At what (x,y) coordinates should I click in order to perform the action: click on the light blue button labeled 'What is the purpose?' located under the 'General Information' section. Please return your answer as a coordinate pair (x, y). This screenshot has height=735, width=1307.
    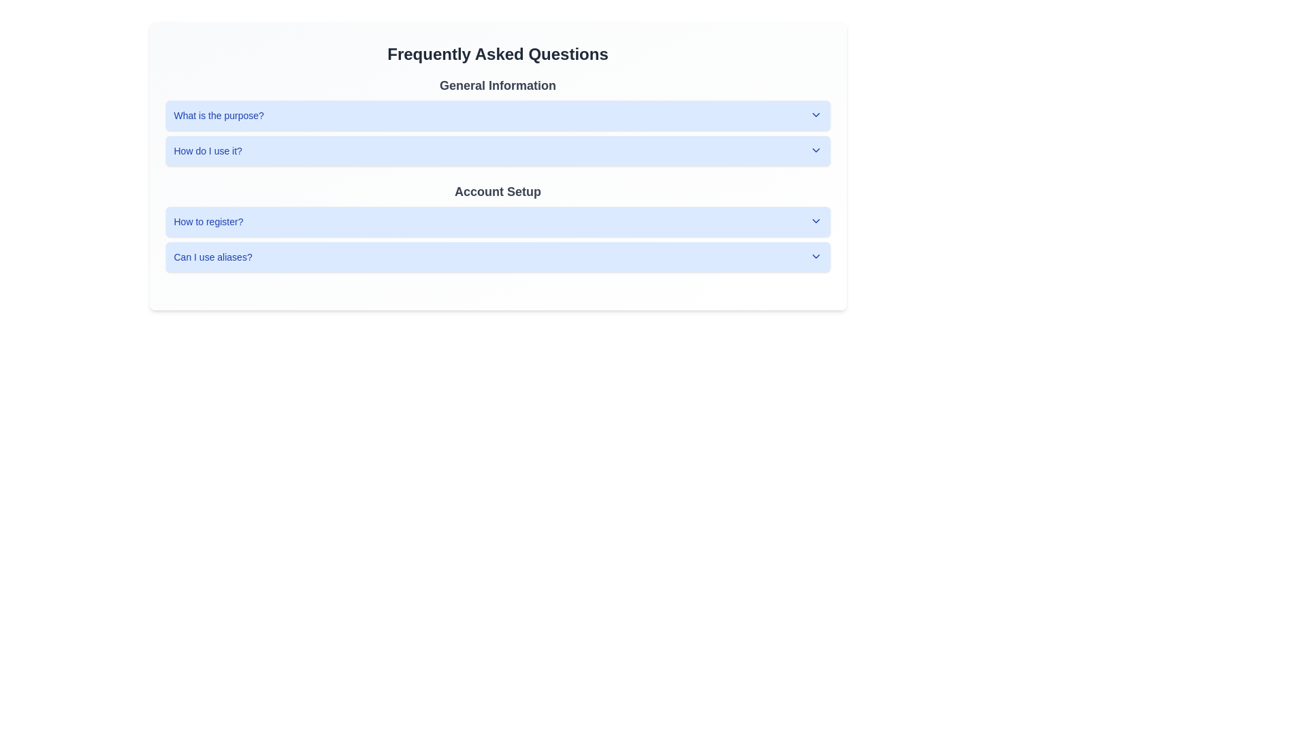
    Looking at the image, I should click on (497, 114).